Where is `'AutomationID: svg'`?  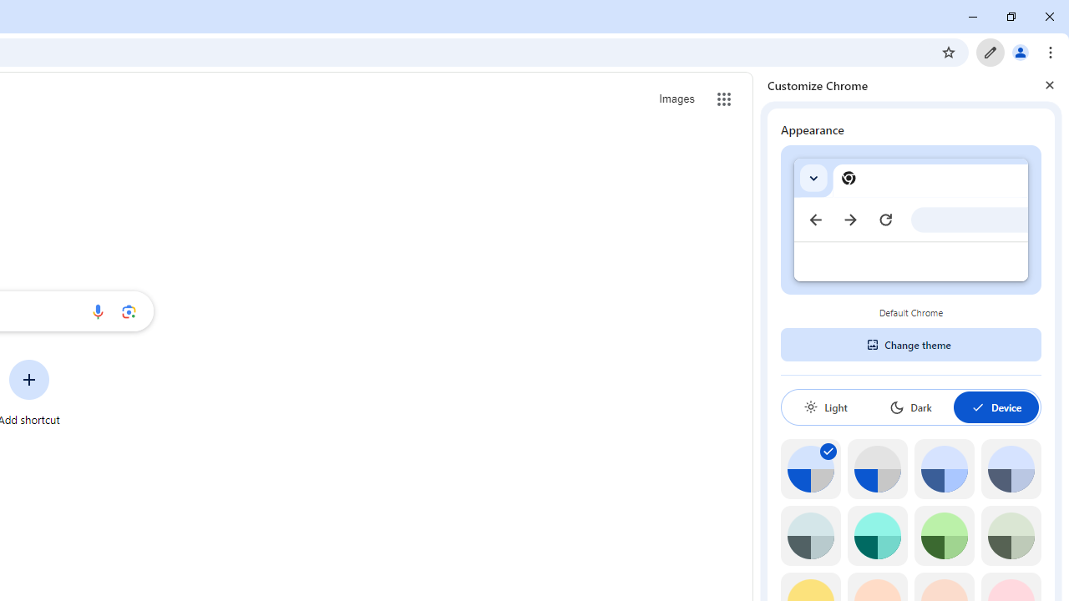
'AutomationID: svg' is located at coordinates (828, 452).